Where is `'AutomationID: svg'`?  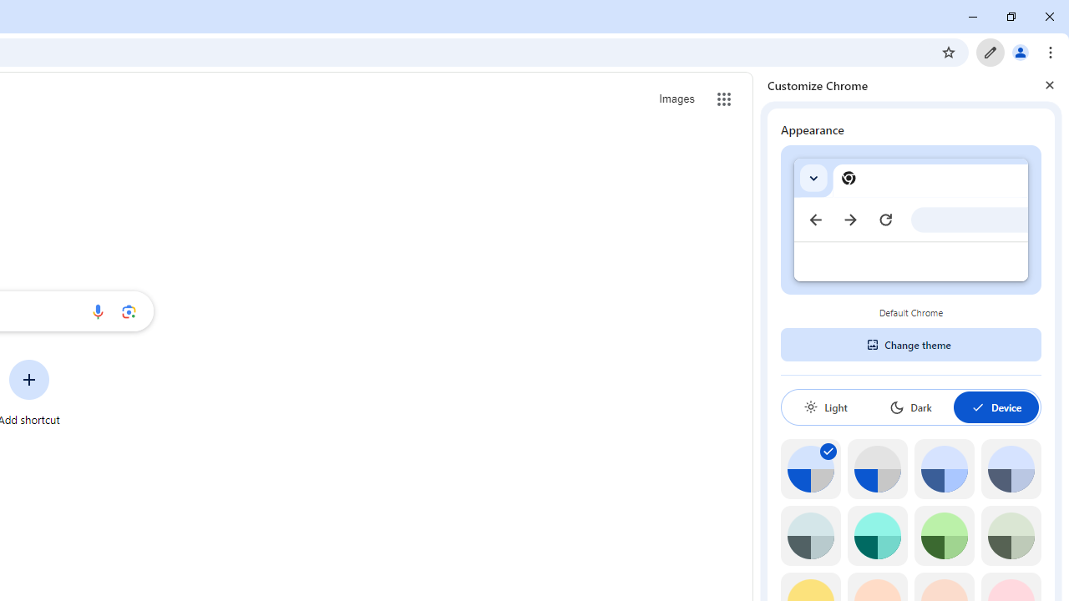
'AutomationID: svg' is located at coordinates (828, 452).